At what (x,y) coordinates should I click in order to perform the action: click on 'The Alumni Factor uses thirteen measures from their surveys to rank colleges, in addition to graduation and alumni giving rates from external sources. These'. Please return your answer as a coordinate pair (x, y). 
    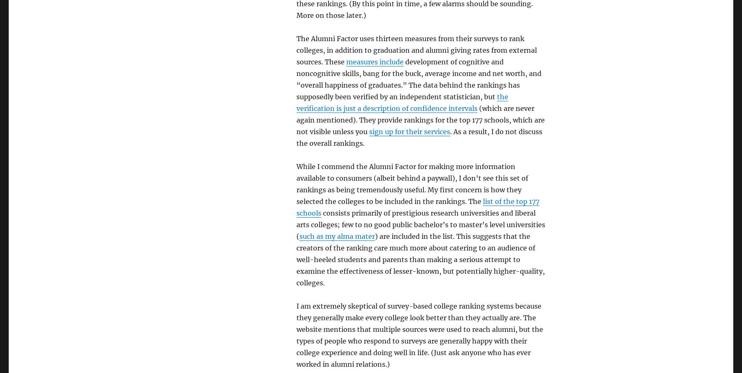
    Looking at the image, I should click on (416, 49).